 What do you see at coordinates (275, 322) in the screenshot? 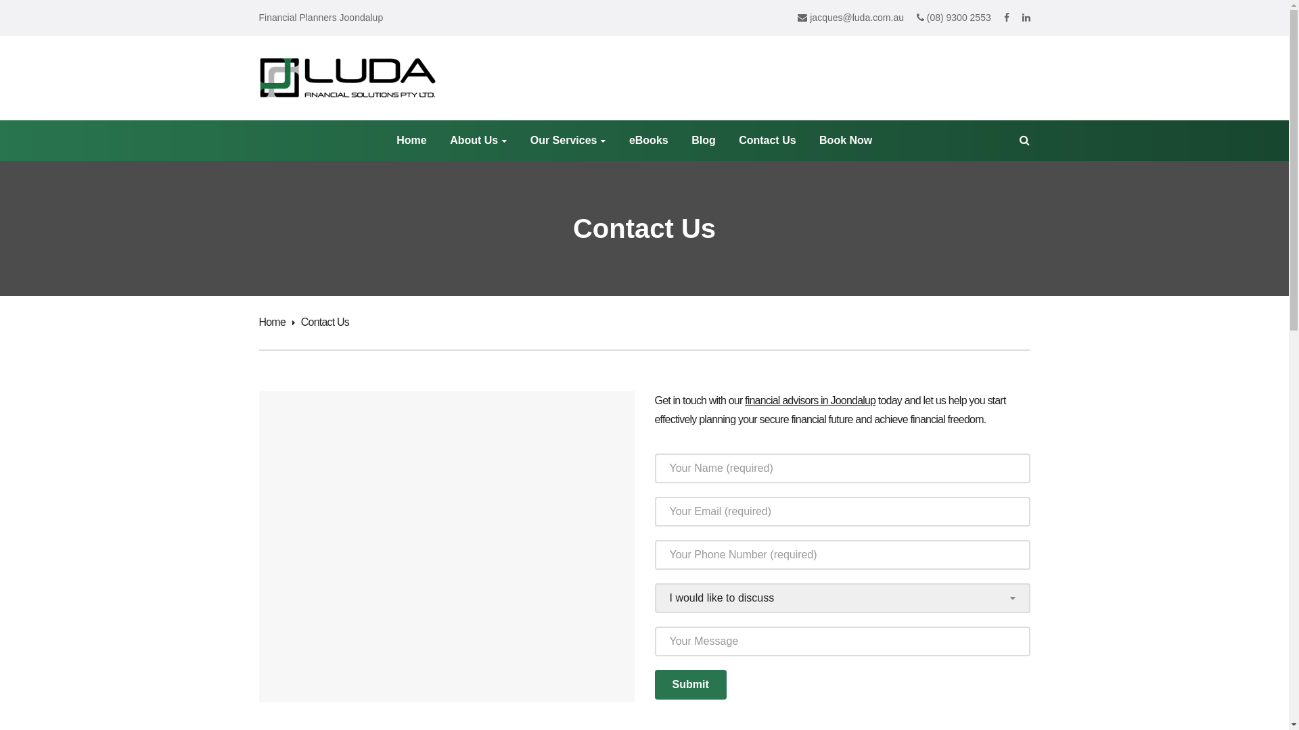
I see `'Home'` at bounding box center [275, 322].